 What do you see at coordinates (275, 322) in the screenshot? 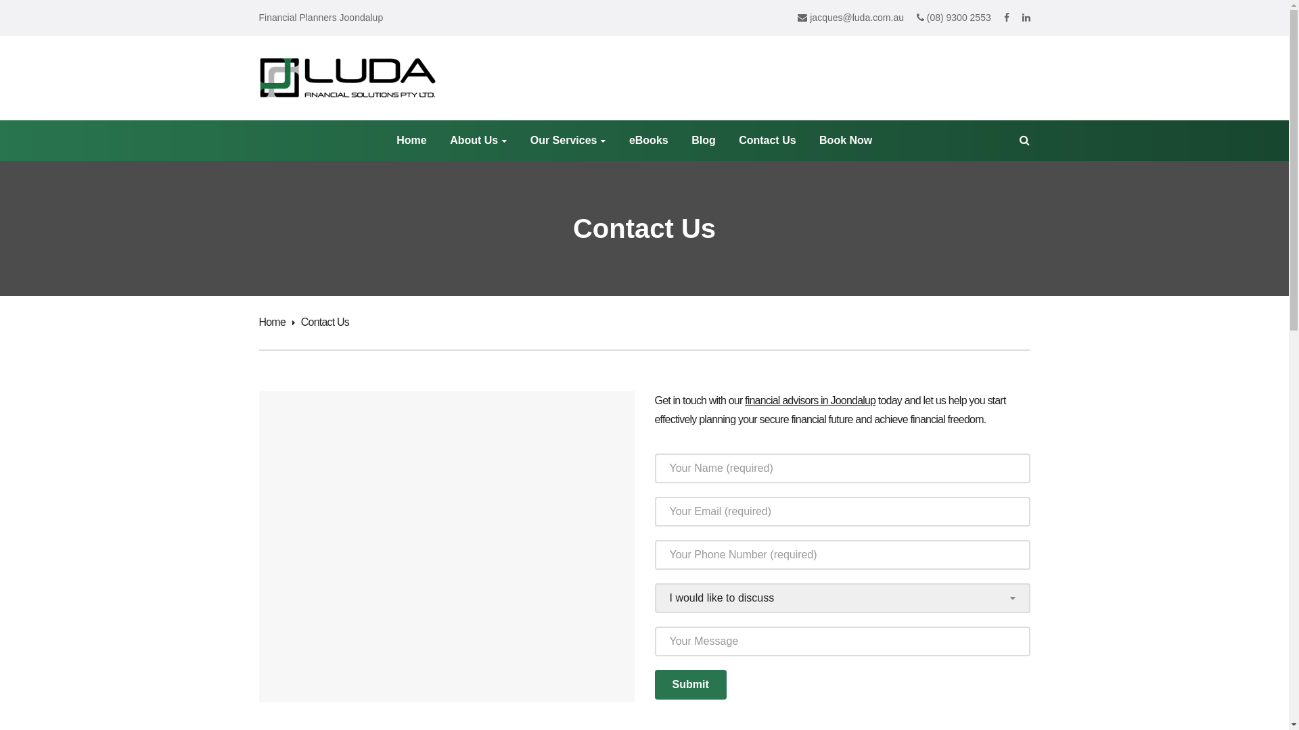
I see `'Home'` at bounding box center [275, 322].